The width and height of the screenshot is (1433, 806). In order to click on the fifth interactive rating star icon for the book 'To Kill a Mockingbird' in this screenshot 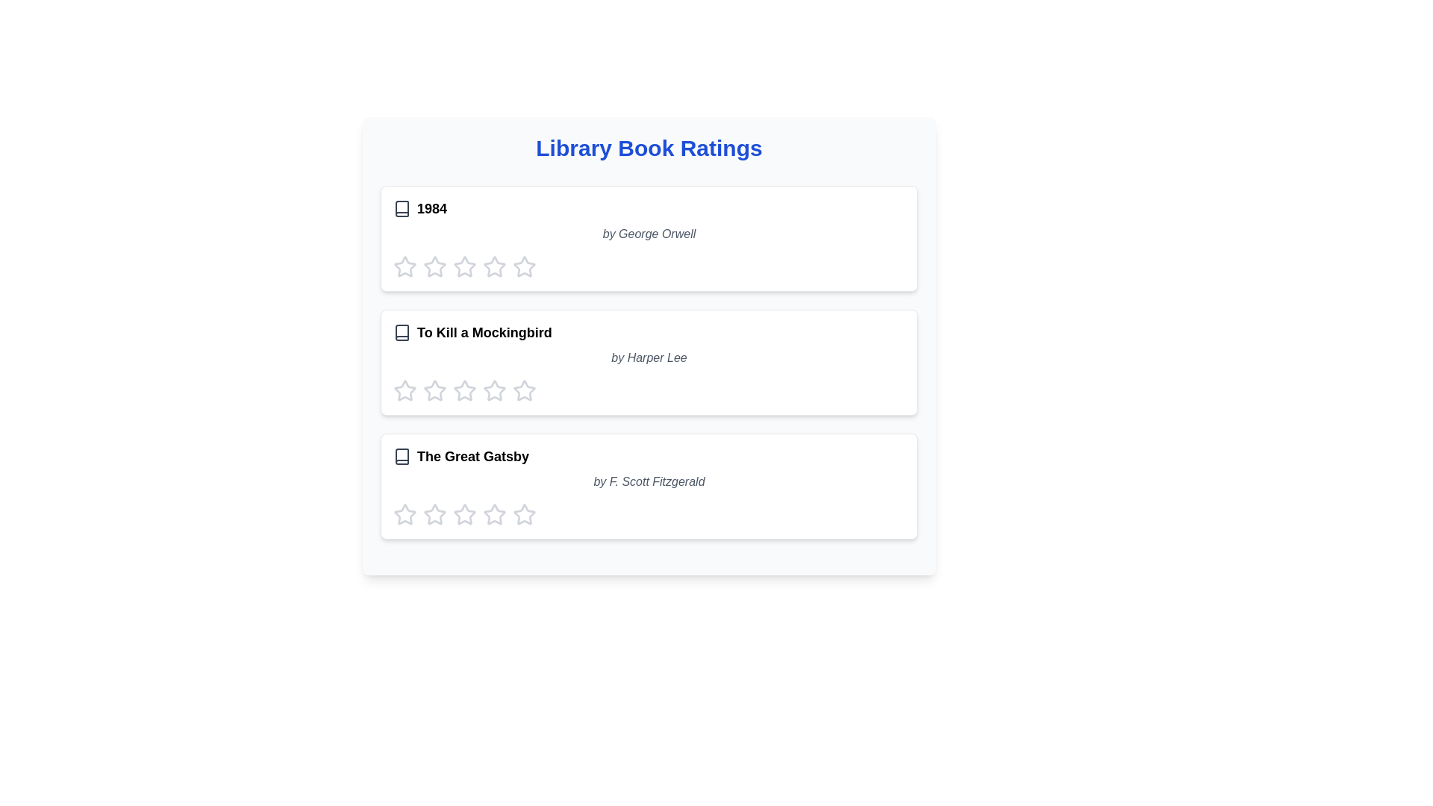, I will do `click(494, 390)`.